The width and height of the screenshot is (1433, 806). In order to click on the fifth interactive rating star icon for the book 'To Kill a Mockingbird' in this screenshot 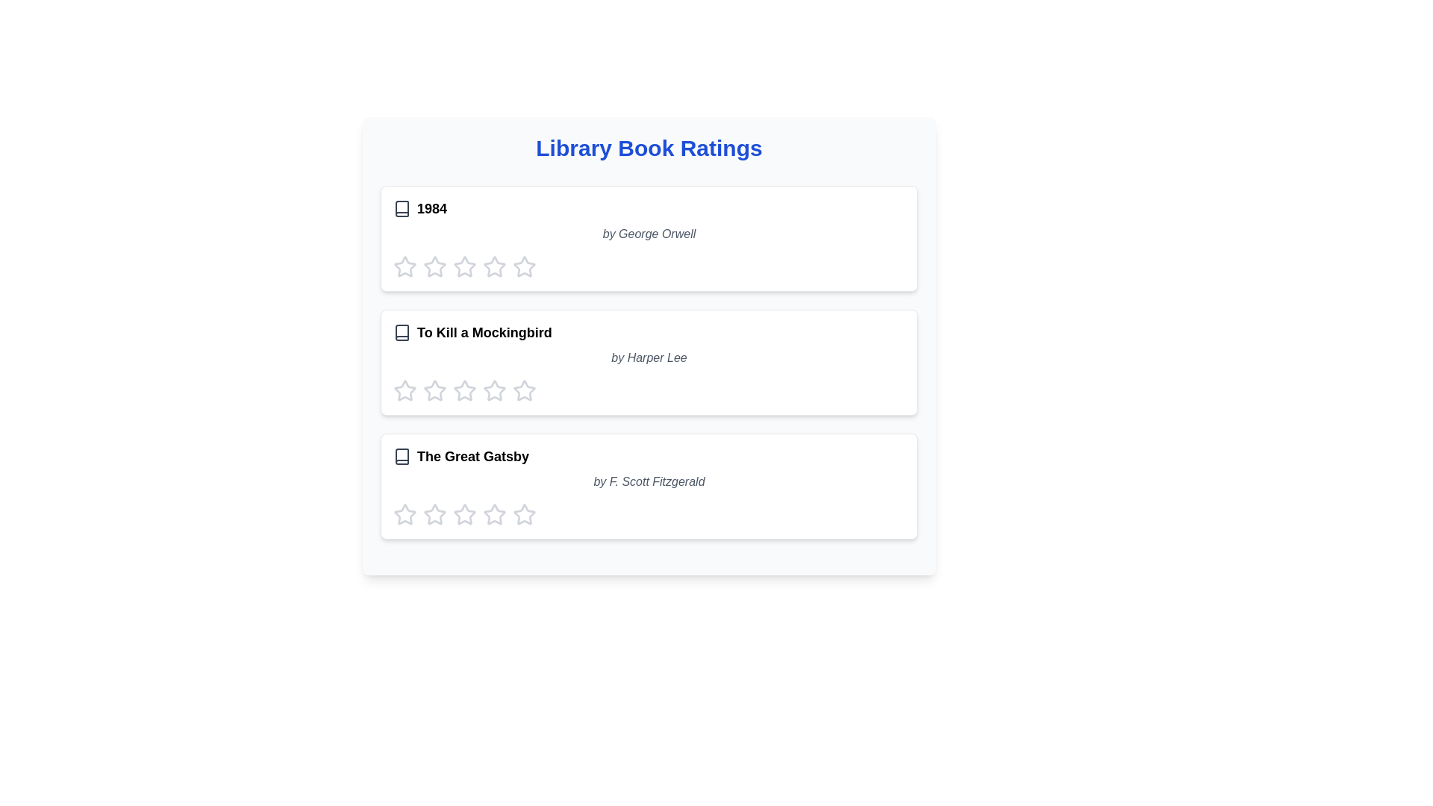, I will do `click(494, 390)`.